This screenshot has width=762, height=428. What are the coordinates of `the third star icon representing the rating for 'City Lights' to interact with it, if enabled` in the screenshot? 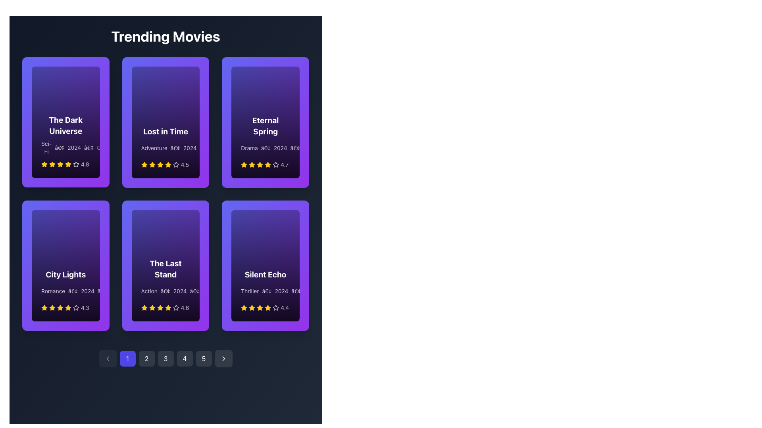 It's located at (52, 307).